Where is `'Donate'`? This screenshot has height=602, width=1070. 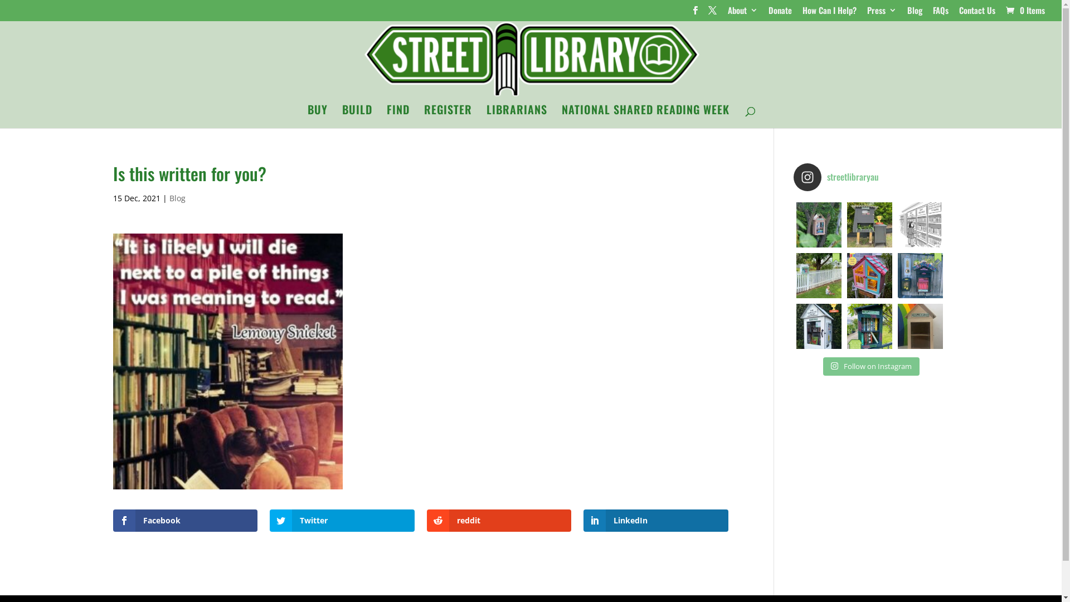 'Donate' is located at coordinates (767, 13).